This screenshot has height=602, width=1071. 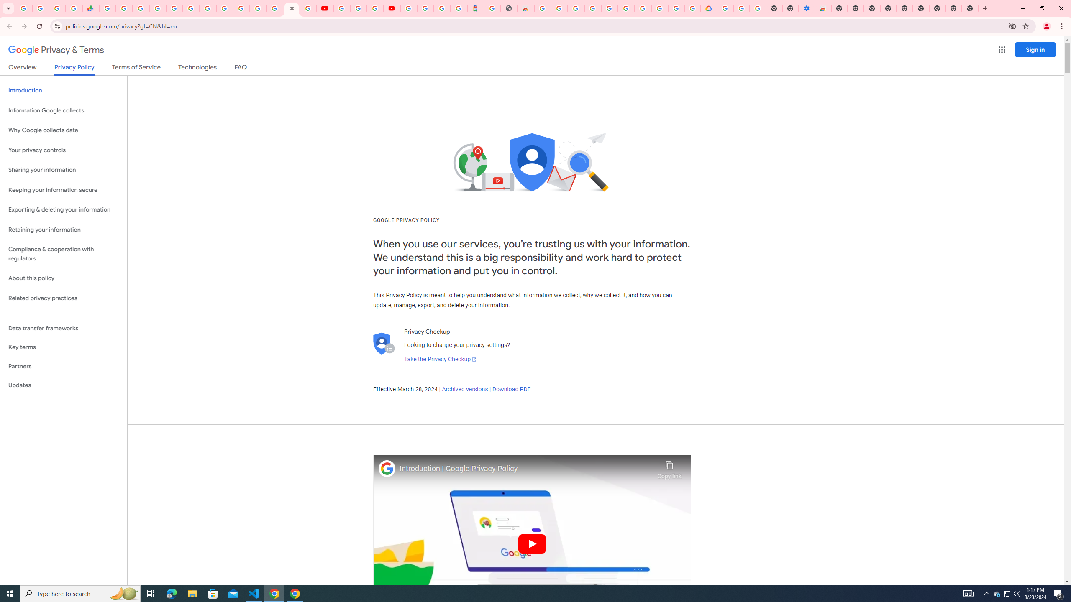 What do you see at coordinates (63, 298) in the screenshot?
I see `'Related privacy practices'` at bounding box center [63, 298].